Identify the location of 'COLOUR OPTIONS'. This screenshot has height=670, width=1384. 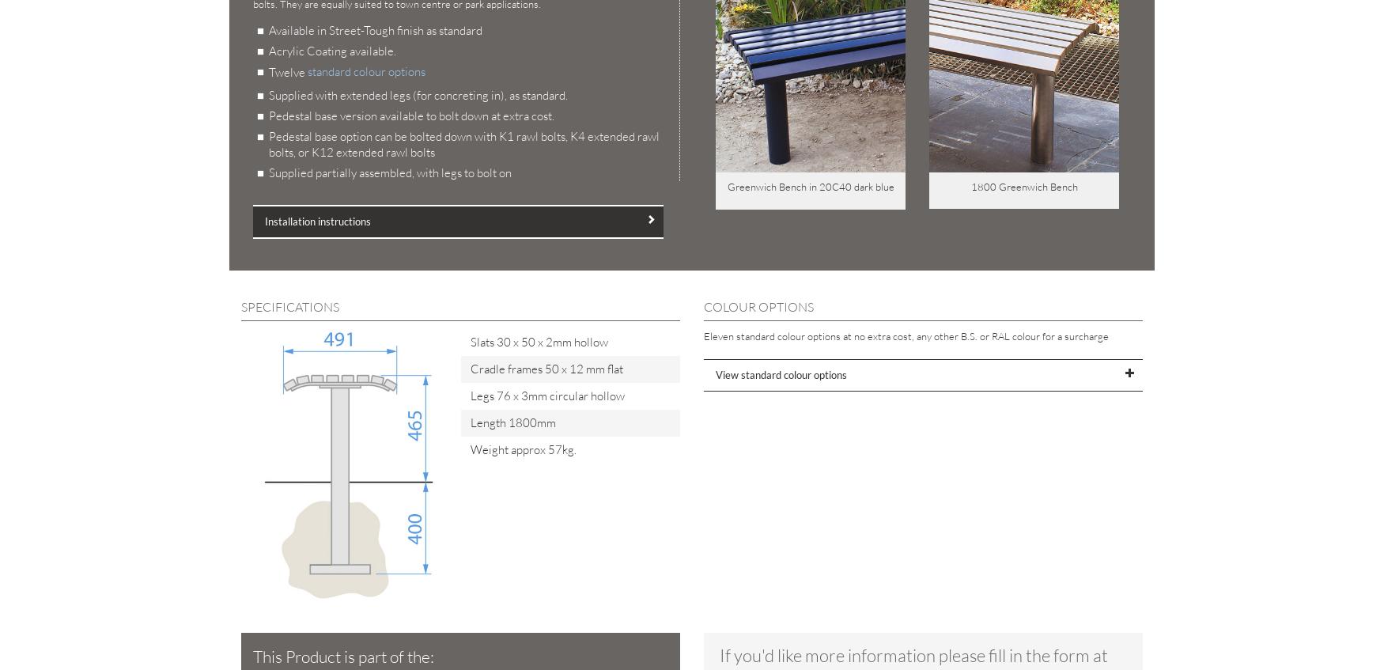
(758, 305).